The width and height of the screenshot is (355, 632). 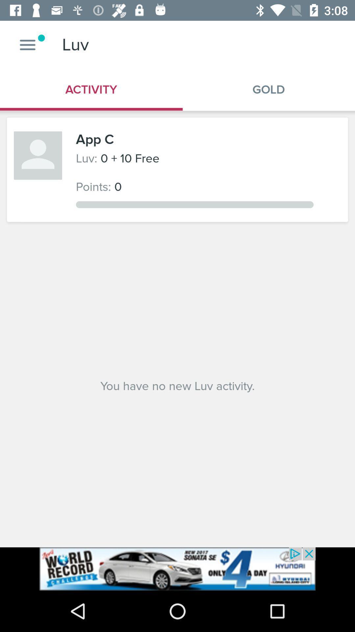 What do you see at coordinates (38, 155) in the screenshot?
I see `the avatar icon` at bounding box center [38, 155].